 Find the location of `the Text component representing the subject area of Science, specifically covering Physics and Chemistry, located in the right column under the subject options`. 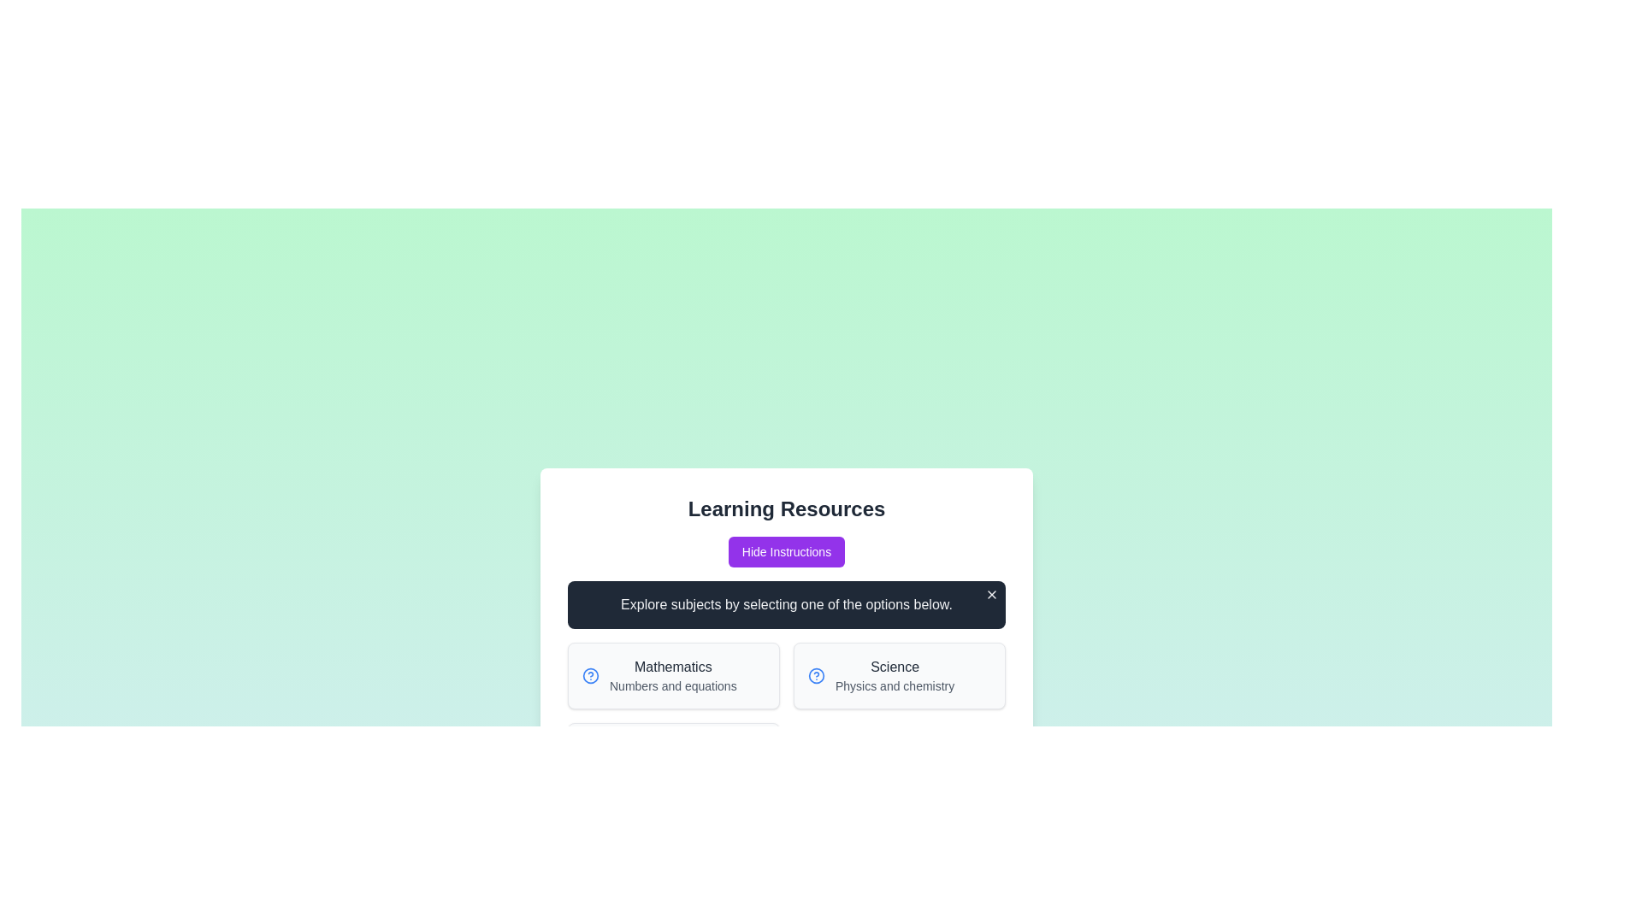

the Text component representing the subject area of Science, specifically covering Physics and Chemistry, located in the right column under the subject options is located at coordinates (894, 674).